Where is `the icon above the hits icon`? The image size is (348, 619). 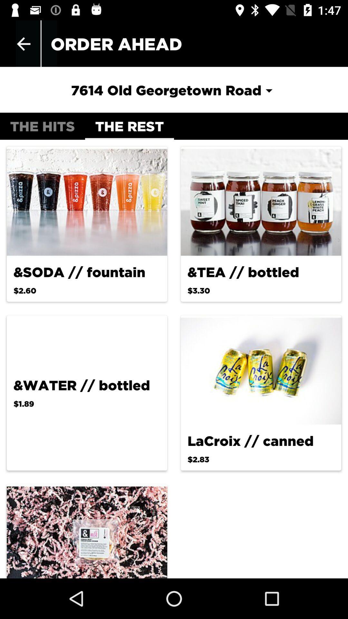 the icon above the hits icon is located at coordinates (23, 44).